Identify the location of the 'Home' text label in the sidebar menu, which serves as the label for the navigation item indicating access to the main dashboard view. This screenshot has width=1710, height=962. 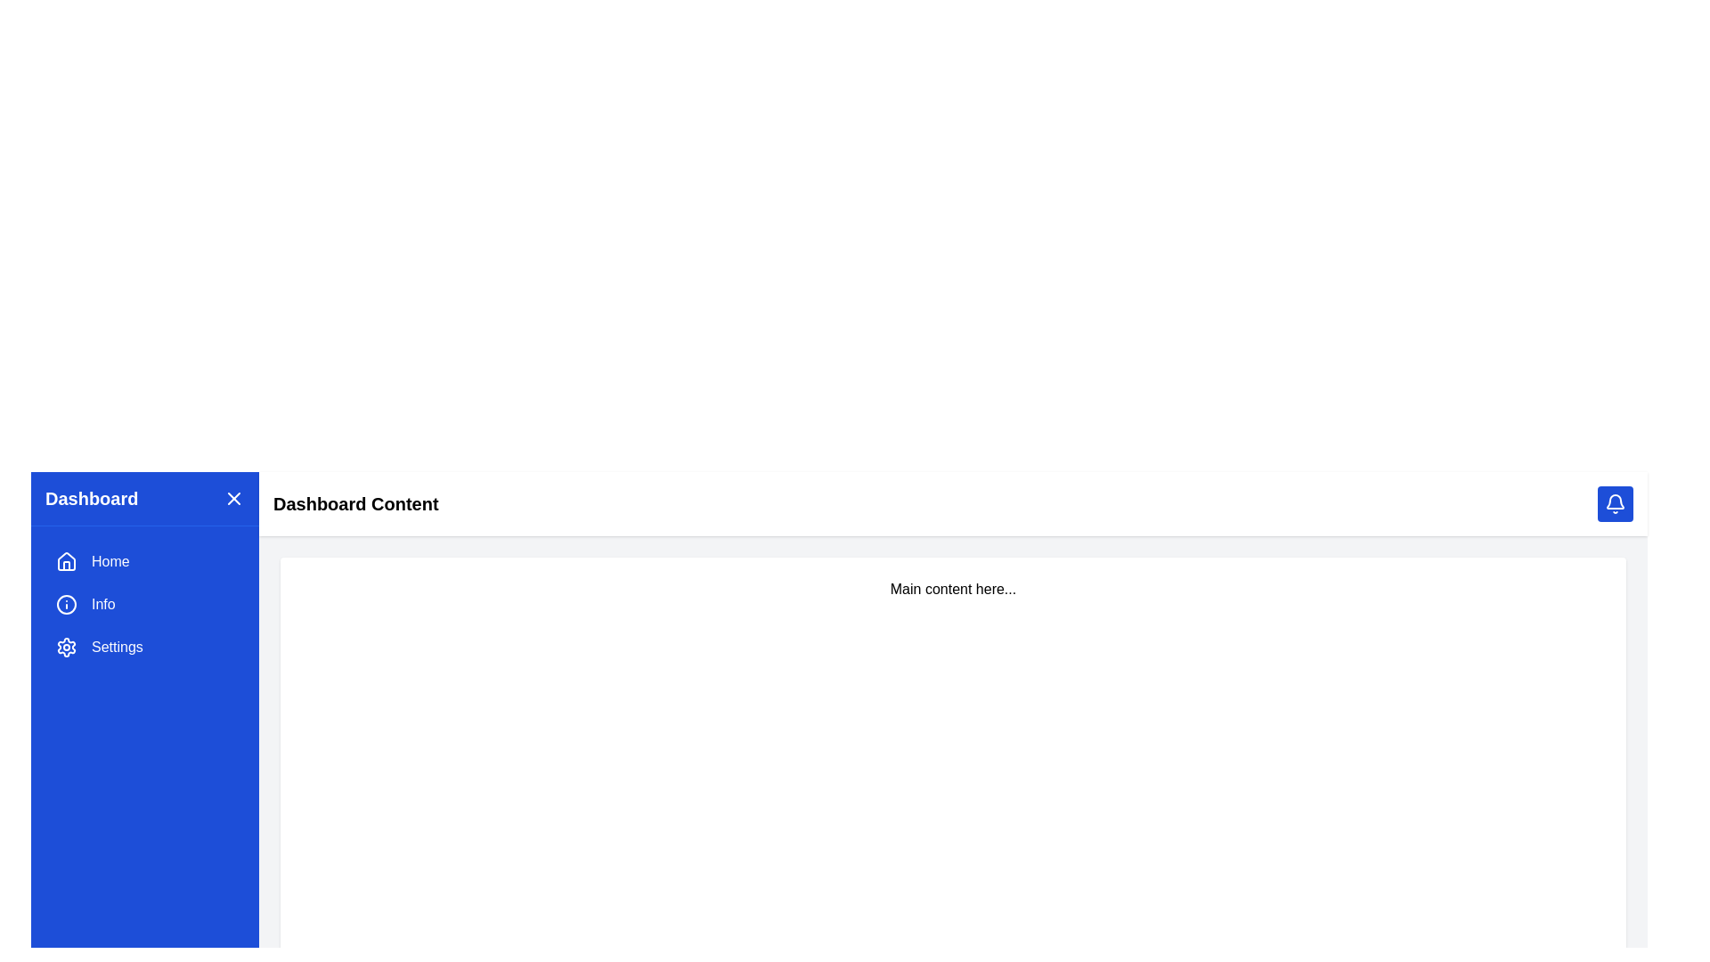
(110, 562).